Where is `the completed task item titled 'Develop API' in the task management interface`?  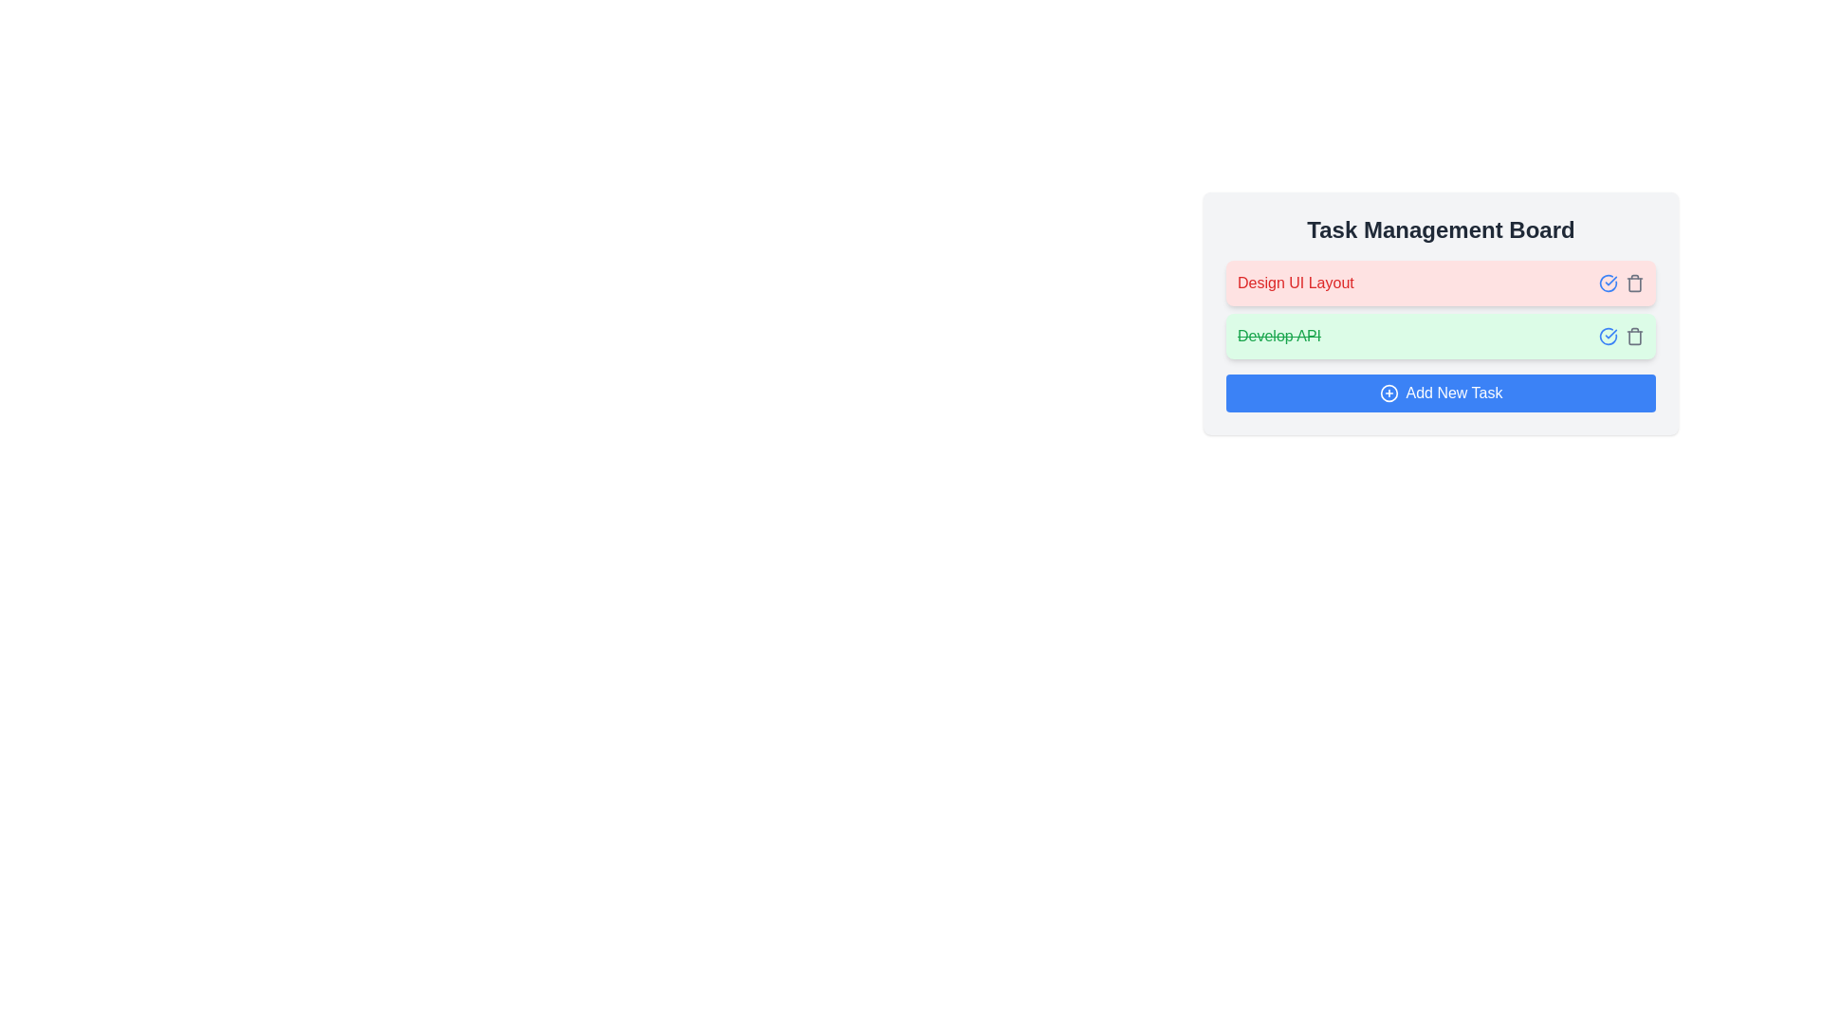
the completed task item titled 'Develop API' in the task management interface is located at coordinates (1441, 335).